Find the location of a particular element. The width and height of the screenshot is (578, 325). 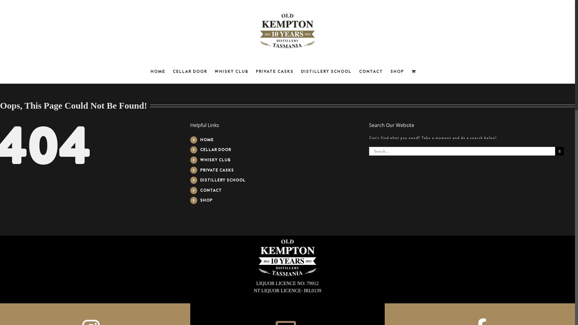

'CONTACT' is located at coordinates (370, 71).